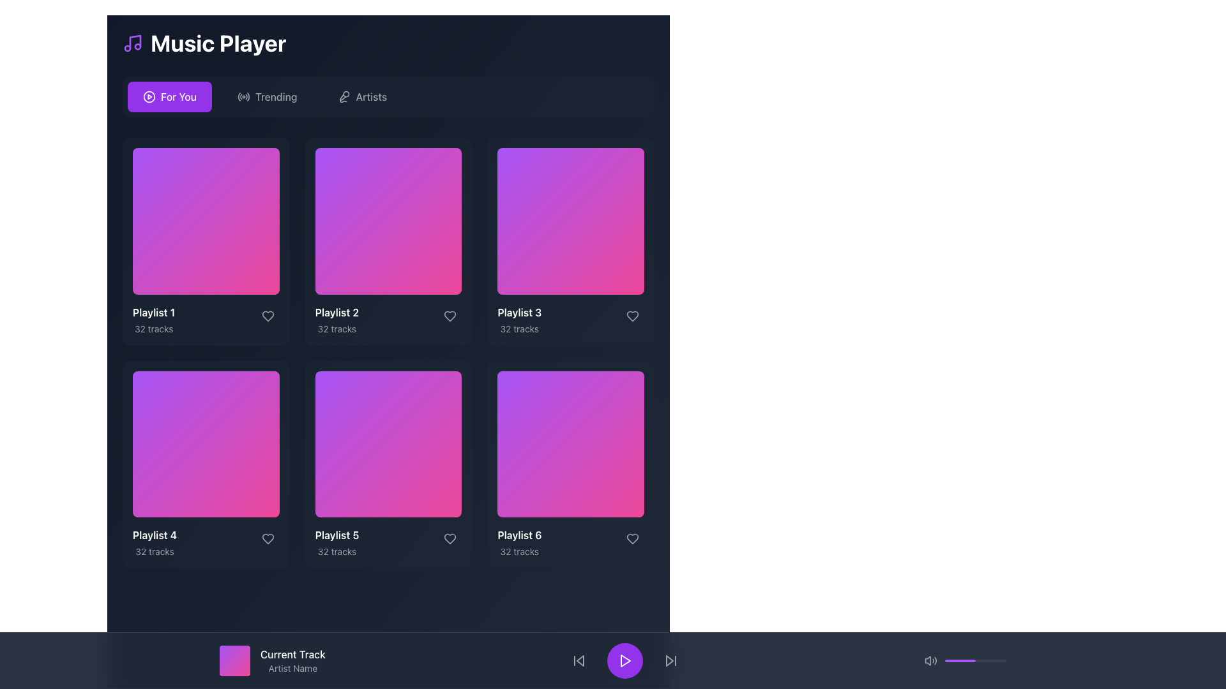  Describe the element at coordinates (570, 241) in the screenshot. I see `the third playlist card, which has a gradient background from purple to pink and displays 'Playlist 3' in bold white font` at that location.